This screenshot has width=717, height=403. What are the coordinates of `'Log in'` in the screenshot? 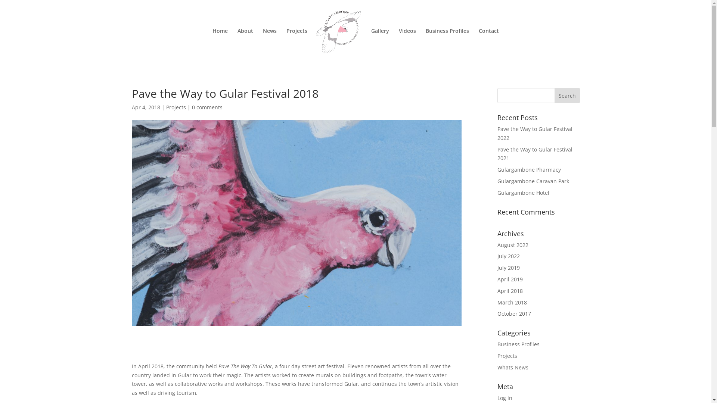 It's located at (505, 397).